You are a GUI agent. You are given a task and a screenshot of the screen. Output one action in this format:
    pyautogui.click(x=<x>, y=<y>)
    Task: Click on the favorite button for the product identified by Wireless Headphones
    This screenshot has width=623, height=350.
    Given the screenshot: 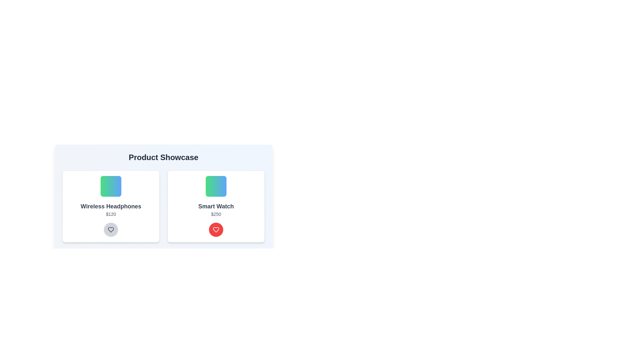 What is the action you would take?
    pyautogui.click(x=111, y=229)
    